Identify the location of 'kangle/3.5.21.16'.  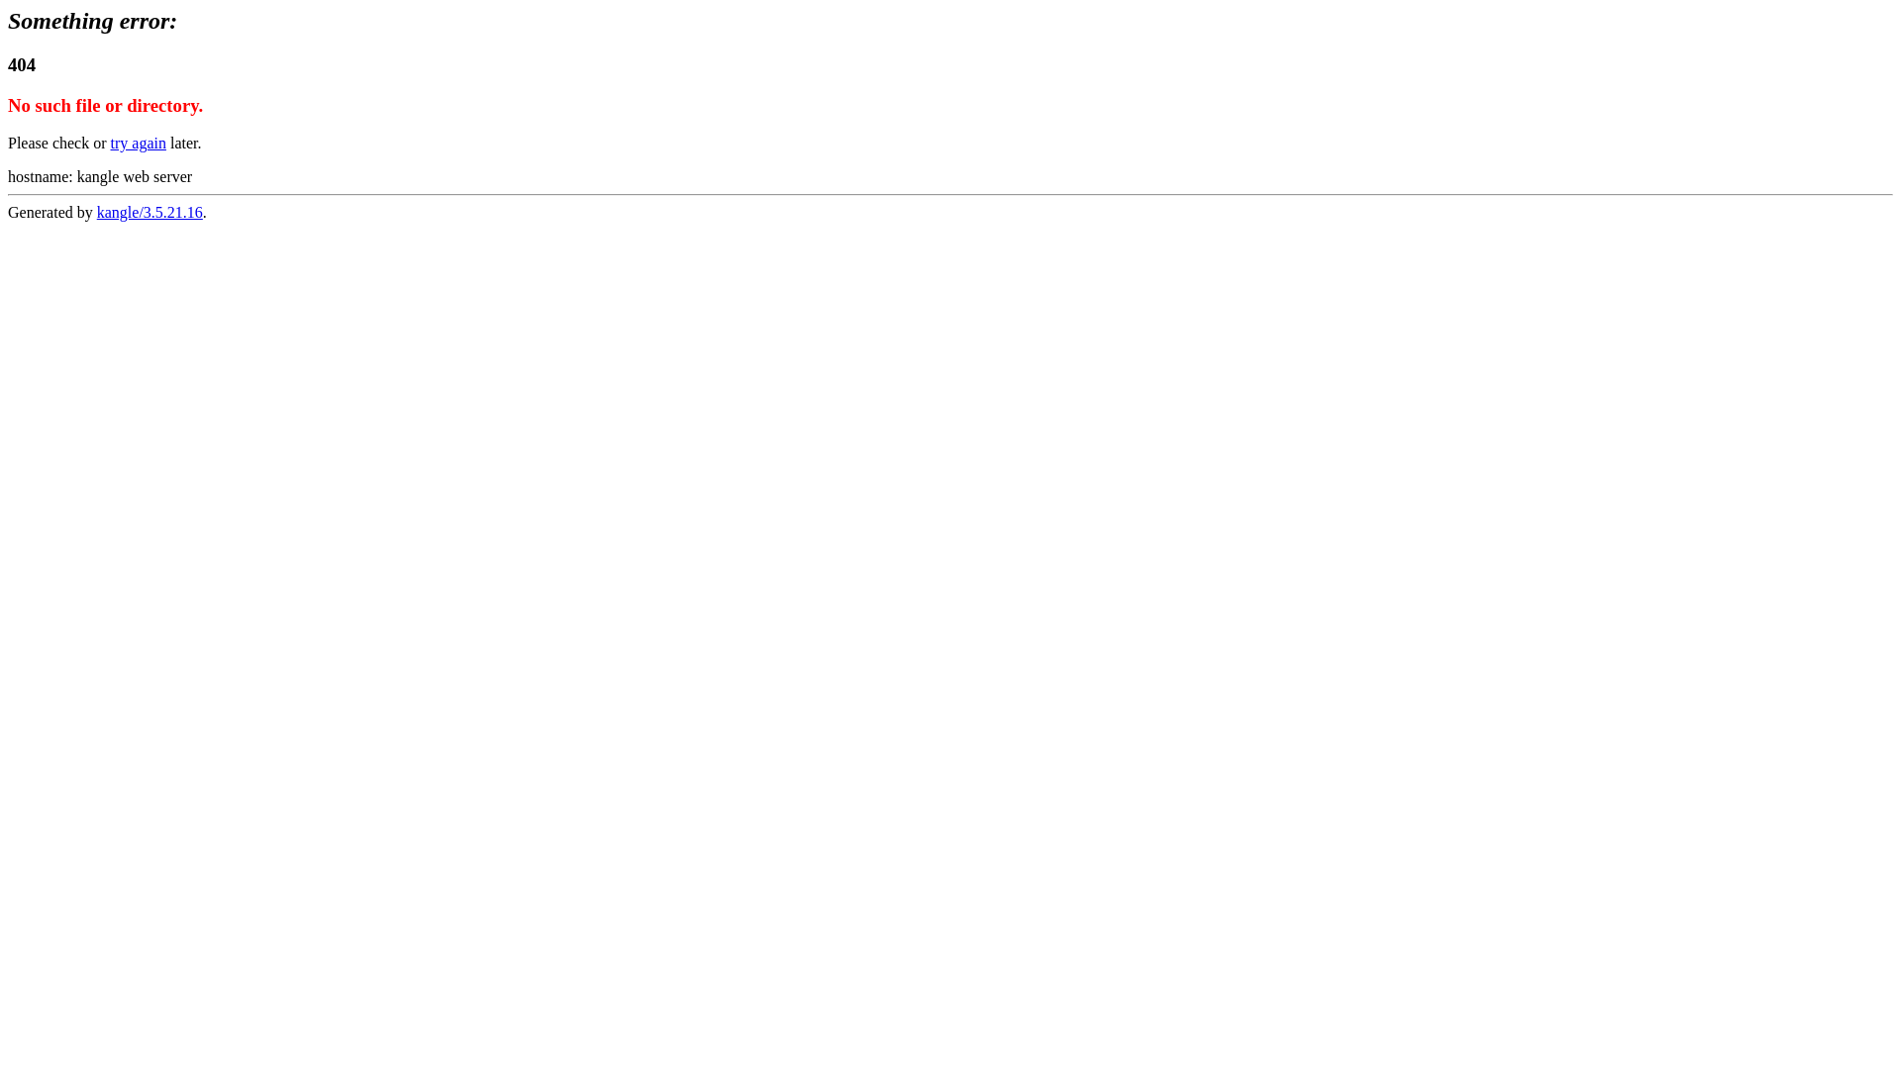
(149, 212).